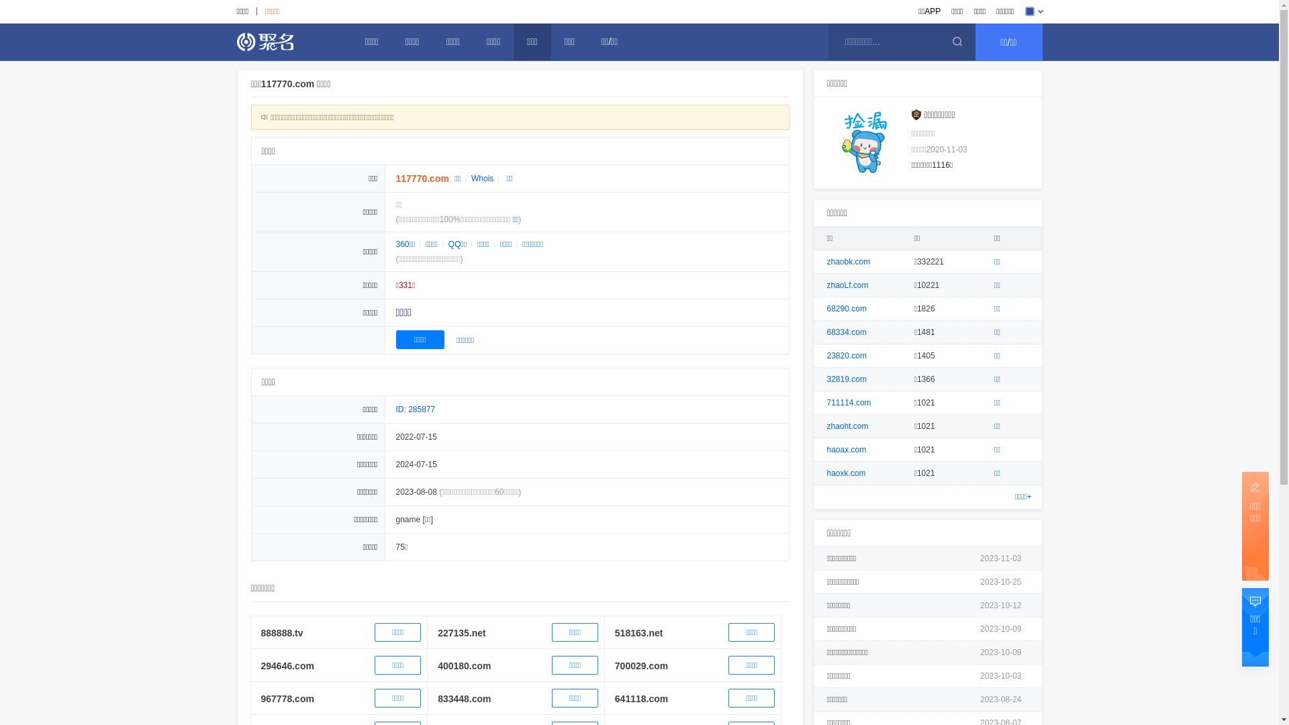 The height and width of the screenshot is (725, 1289). Describe the element at coordinates (826, 426) in the screenshot. I see `'zhaoht.com'` at that location.